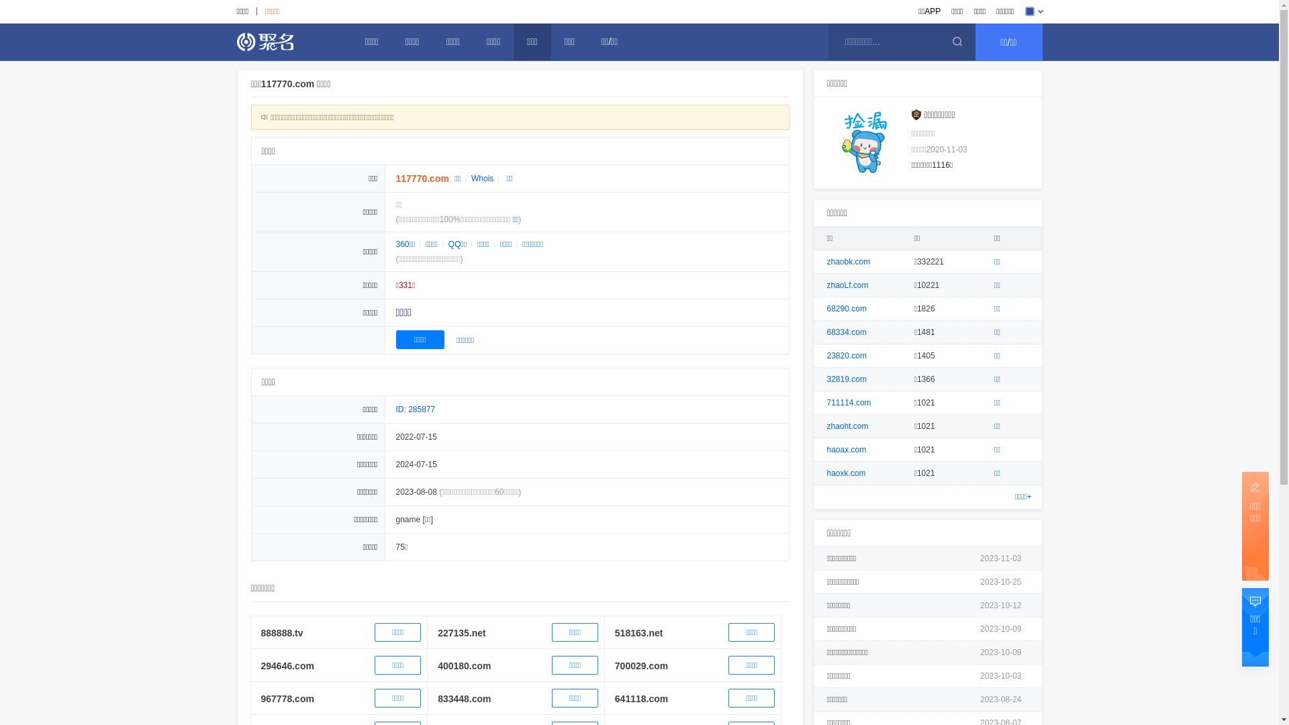 The height and width of the screenshot is (725, 1289). Describe the element at coordinates (826, 426) in the screenshot. I see `'zhaoht.com'` at that location.